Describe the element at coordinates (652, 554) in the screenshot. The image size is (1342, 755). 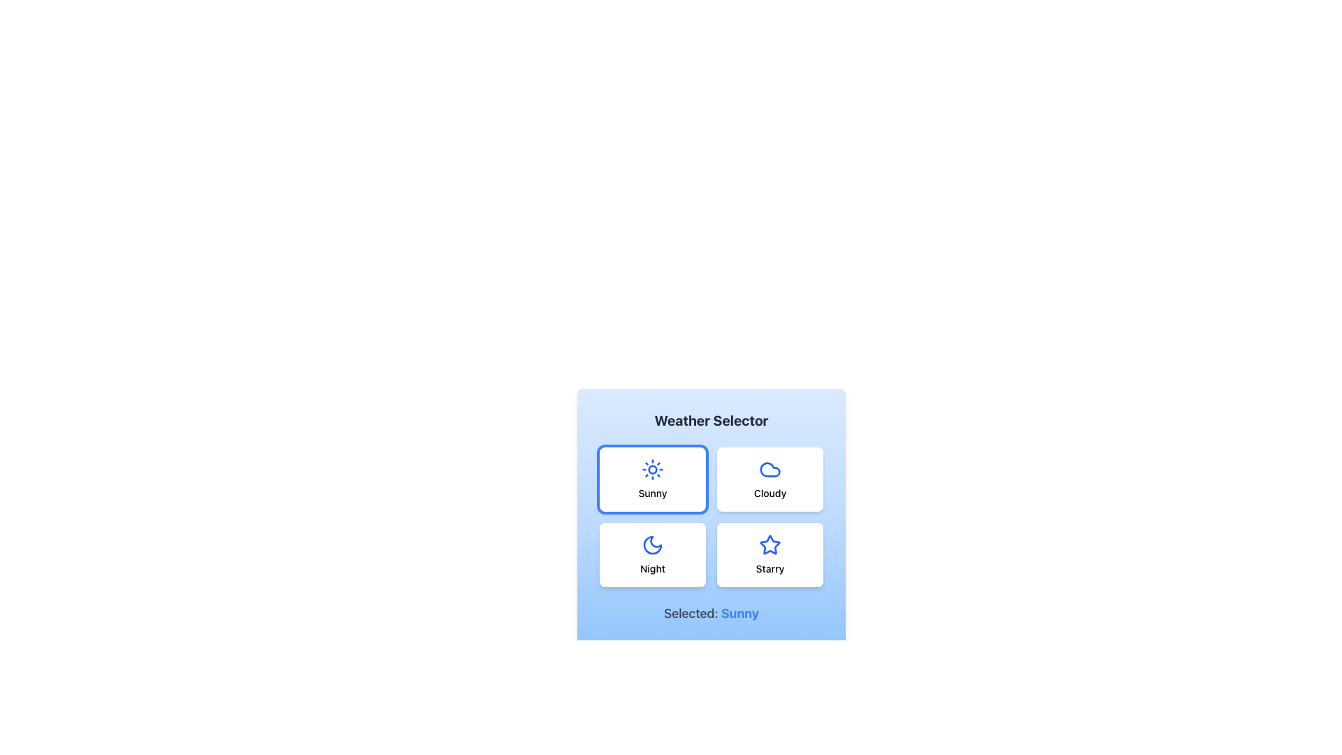
I see `the 'Night' weather option button using keyboard navigation` at that location.